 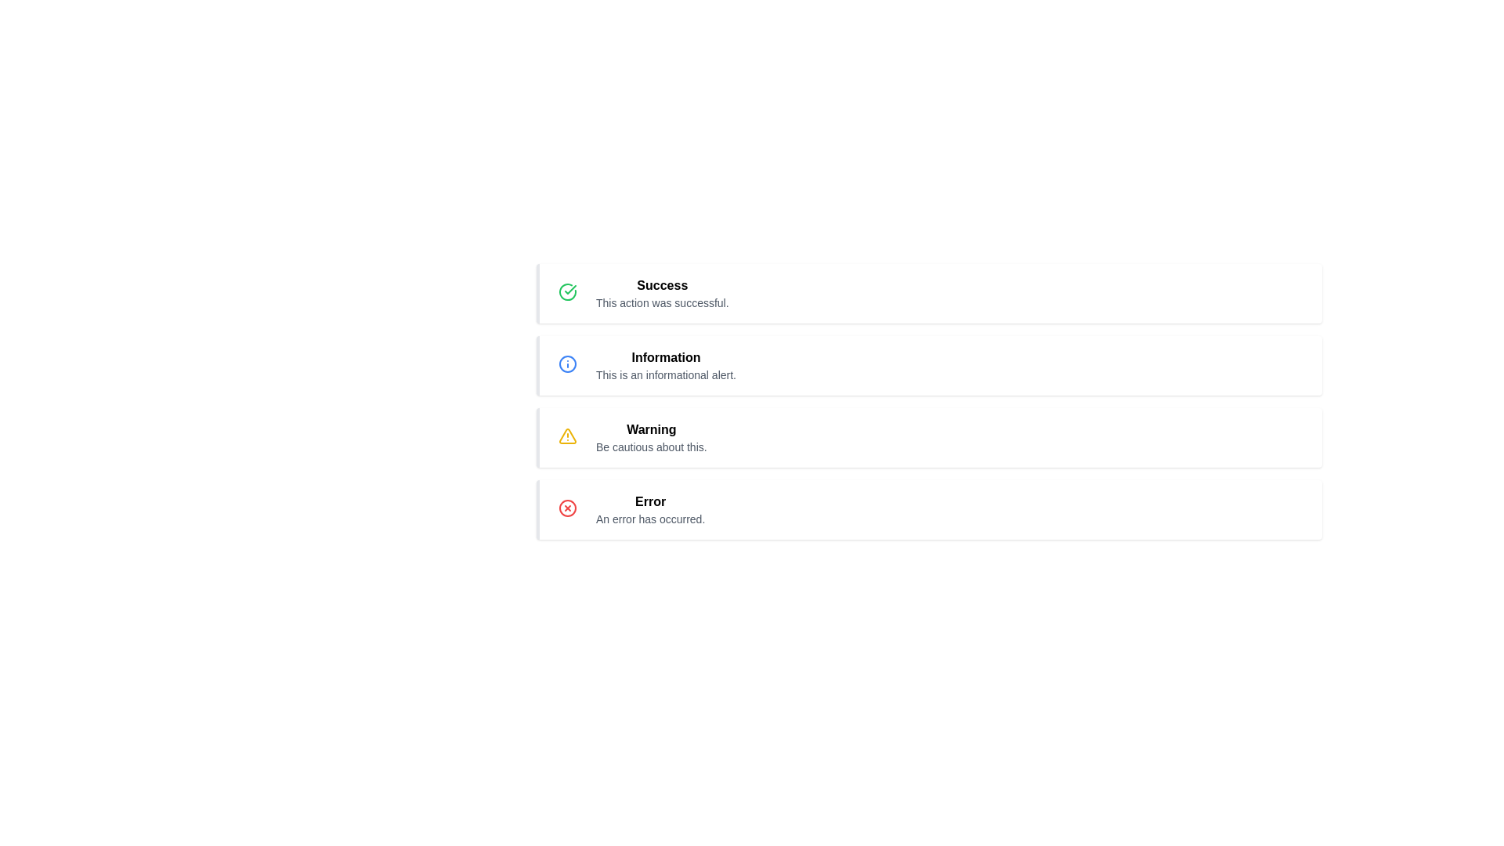 I want to click on the yellow triangular warning icon with an exclamation mark, which is located in the third notification box from the top beside the text 'Warning: Be cautious about this.', so click(x=566, y=436).